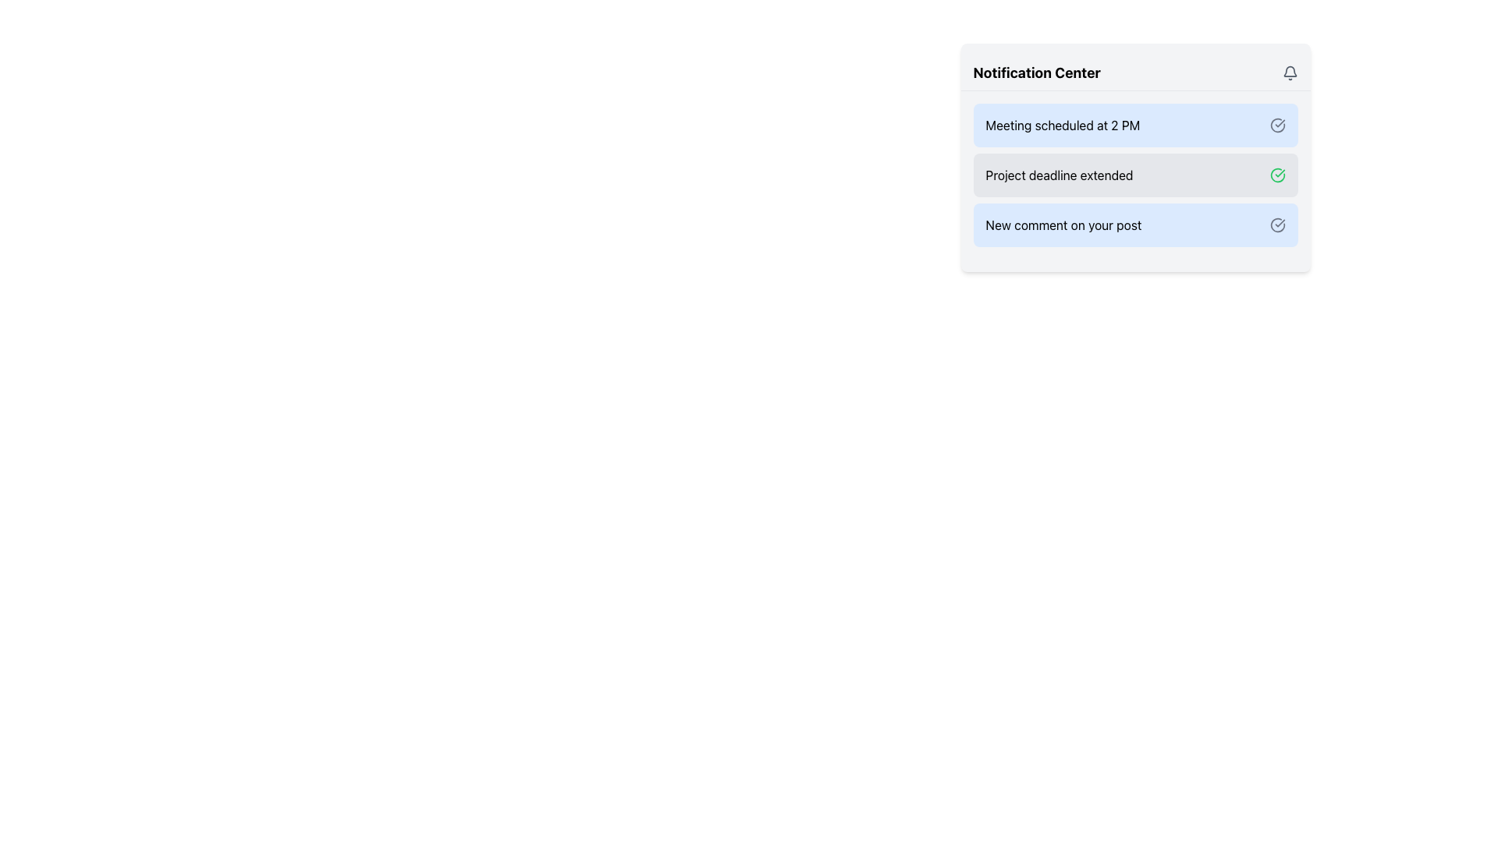  What do you see at coordinates (1060, 175) in the screenshot?
I see `the static text label that indicates the project's deadline extension within the notification card in the Notification Center` at bounding box center [1060, 175].